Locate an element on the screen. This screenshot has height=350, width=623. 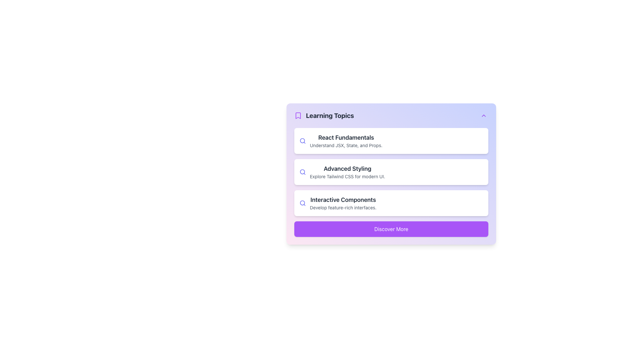
the text notification that displays 'Explore Tailwind CSS for modern UI.' located below the title 'Advanced Styling' in the middle card of the vertical stack of content cards is located at coordinates (347, 176).